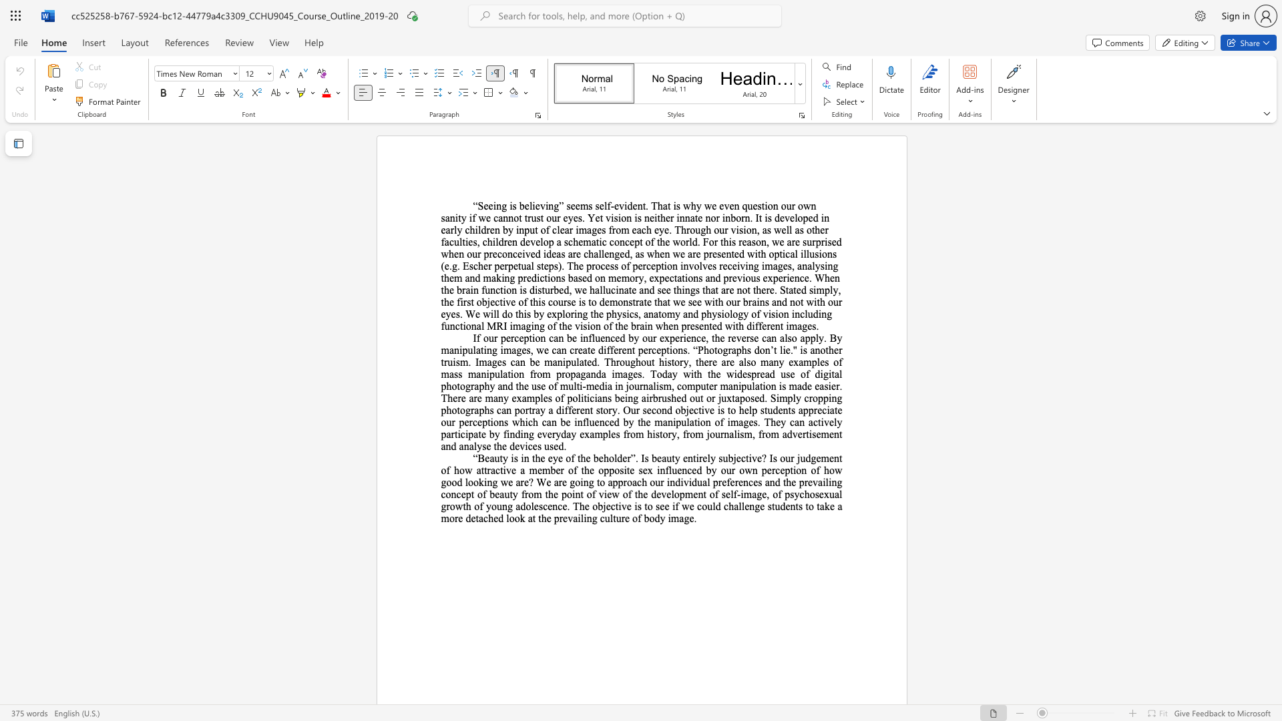  I want to click on the subset text "ceived ideas are challenged, as when we are presented with optical illusions (e.g. Escher perpet" within the text "“Seeing is believing” seems self-evident. That is why we even question our own sanity if we cannot trust our eyes. Yet vision is neither innate nor inborn. It is developed in early children by input of clear images from each eye. Through our vision, as well as other faculties, children develop a schematic concept of the world. For this reason, we are surprised when our preconceived ideas are challenged, as when we are presented with optical illusions (e.g. Escher perpetual steps). The process of perception", so click(512, 254).